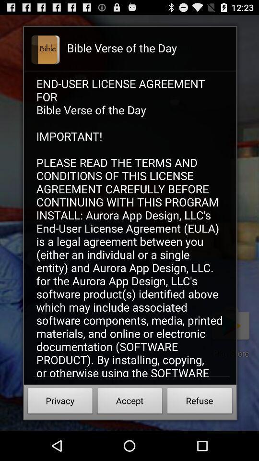  Describe the element at coordinates (60, 402) in the screenshot. I see `the privacy item` at that location.